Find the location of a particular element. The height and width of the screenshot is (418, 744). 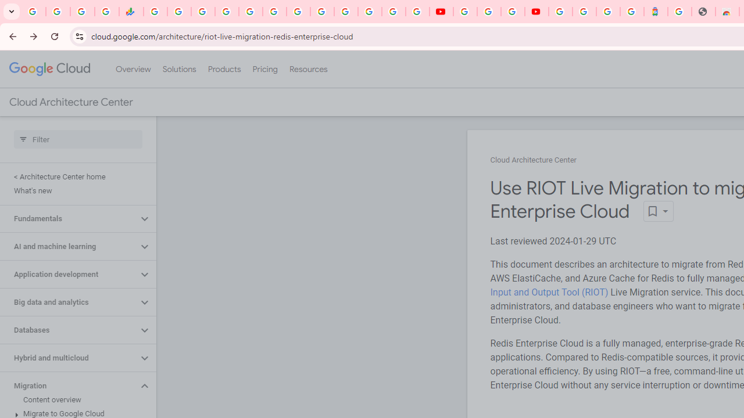

'Fundamentals' is located at coordinates (68, 218).